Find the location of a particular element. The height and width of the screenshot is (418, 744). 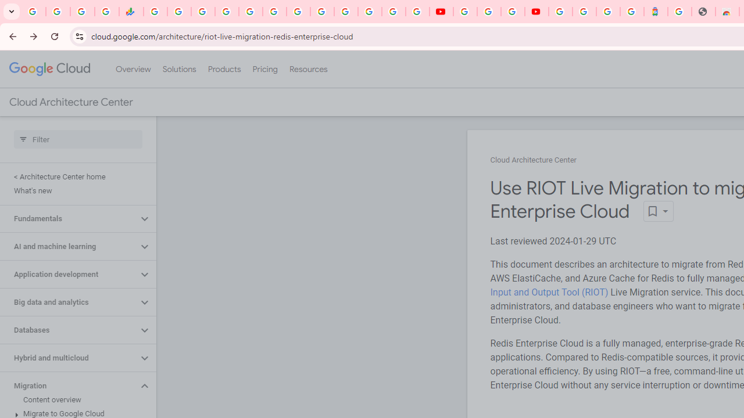

'Fundamentals' is located at coordinates (68, 218).